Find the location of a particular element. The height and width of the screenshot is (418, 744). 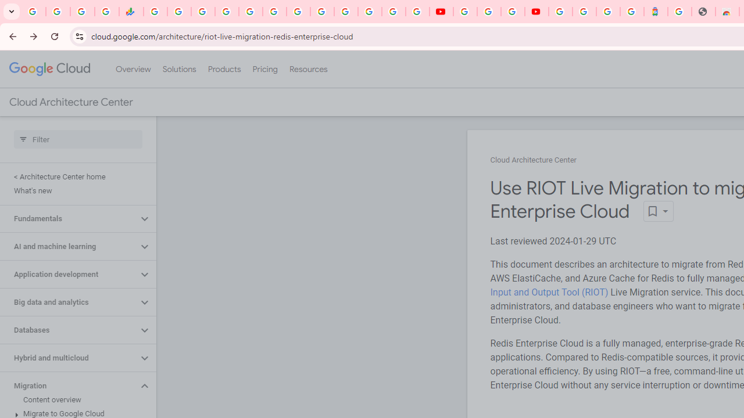

'Fundamentals' is located at coordinates (68, 218).